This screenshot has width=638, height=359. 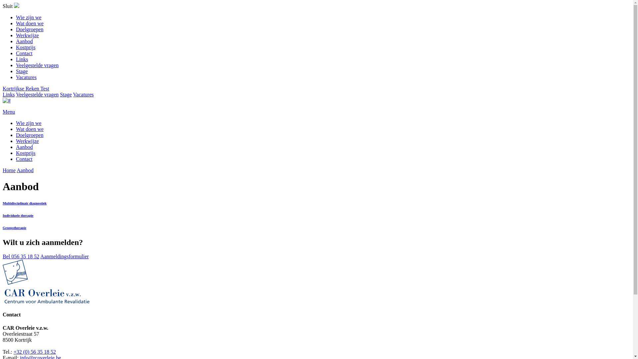 What do you see at coordinates (64, 256) in the screenshot?
I see `'Aanmeldingsformulier'` at bounding box center [64, 256].